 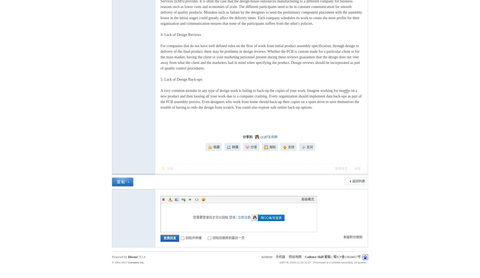 I want to click on 'Discuz!', so click(x=133, y=256).